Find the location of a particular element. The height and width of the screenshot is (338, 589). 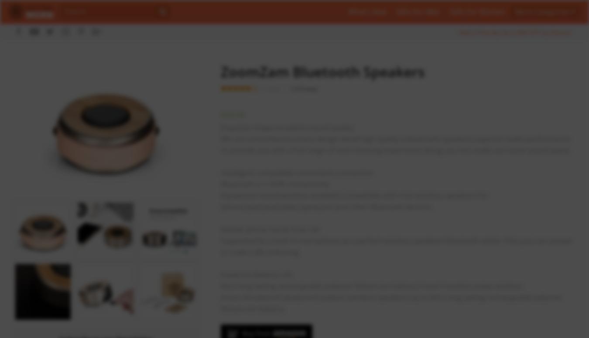

'ZoomZam Bluetooth Speakers' is located at coordinates (220, 71).